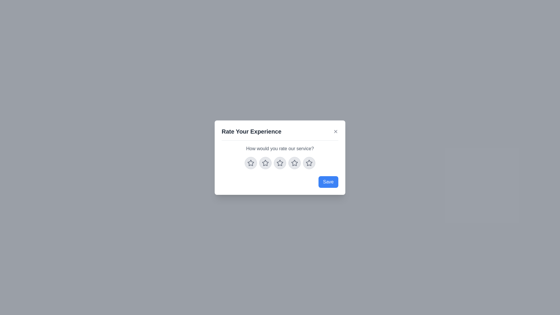  What do you see at coordinates (294, 163) in the screenshot?
I see `the star corresponding to the rating 4` at bounding box center [294, 163].